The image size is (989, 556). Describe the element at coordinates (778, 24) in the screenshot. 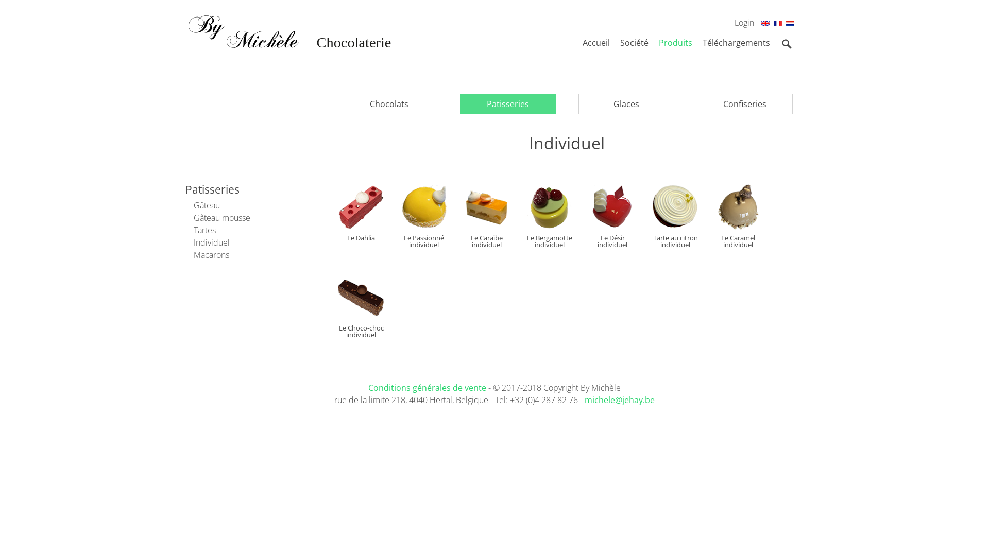

I see `'Fr'` at that location.